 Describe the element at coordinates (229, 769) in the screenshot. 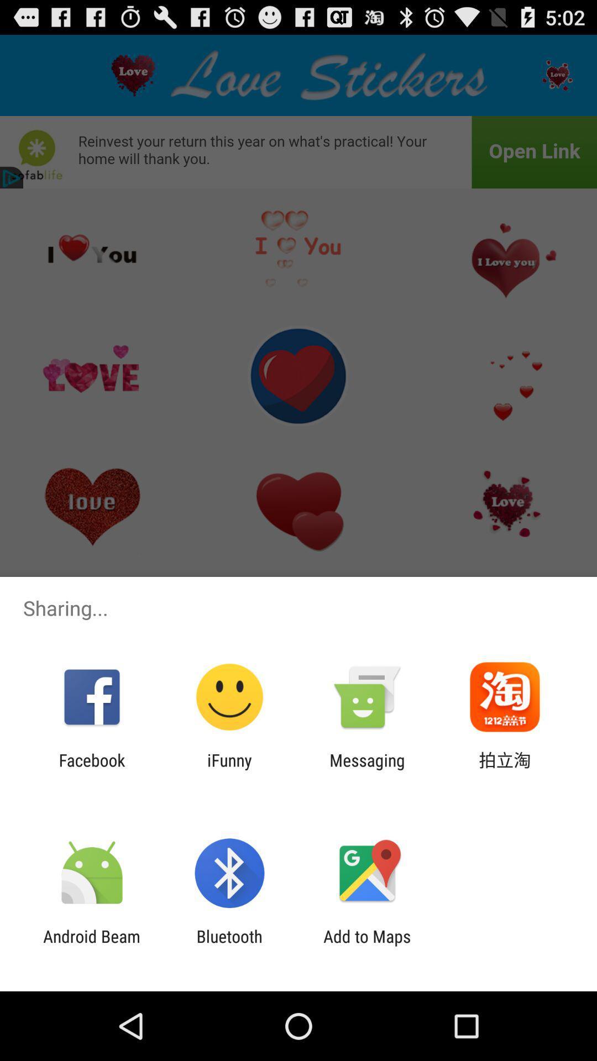

I see `item to the right of the facebook app` at that location.